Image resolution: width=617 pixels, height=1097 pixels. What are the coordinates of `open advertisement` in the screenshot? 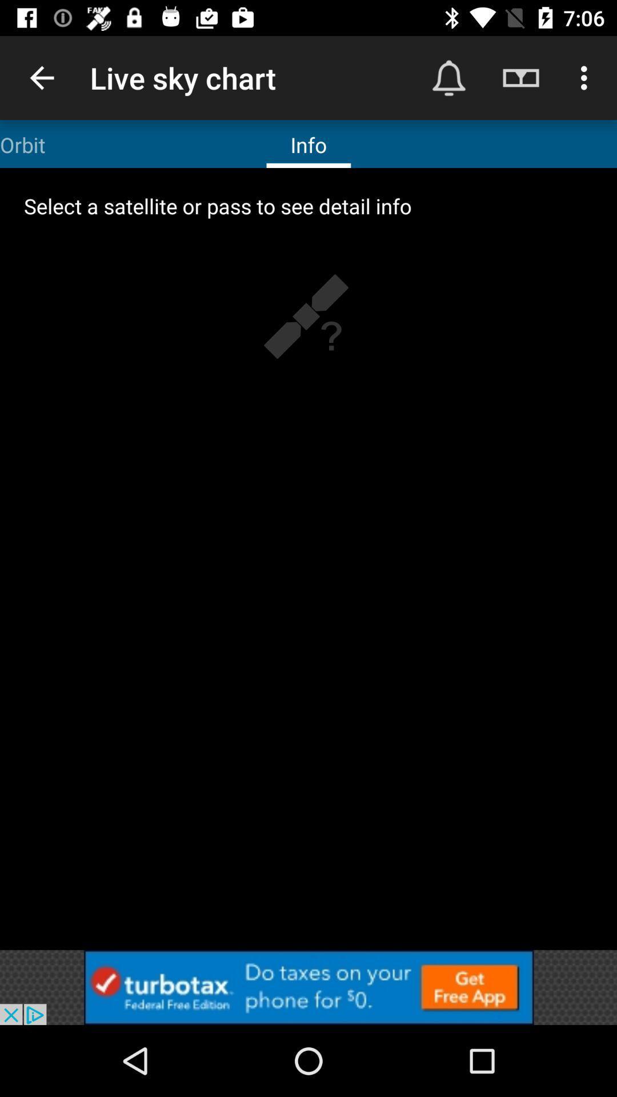 It's located at (308, 987).